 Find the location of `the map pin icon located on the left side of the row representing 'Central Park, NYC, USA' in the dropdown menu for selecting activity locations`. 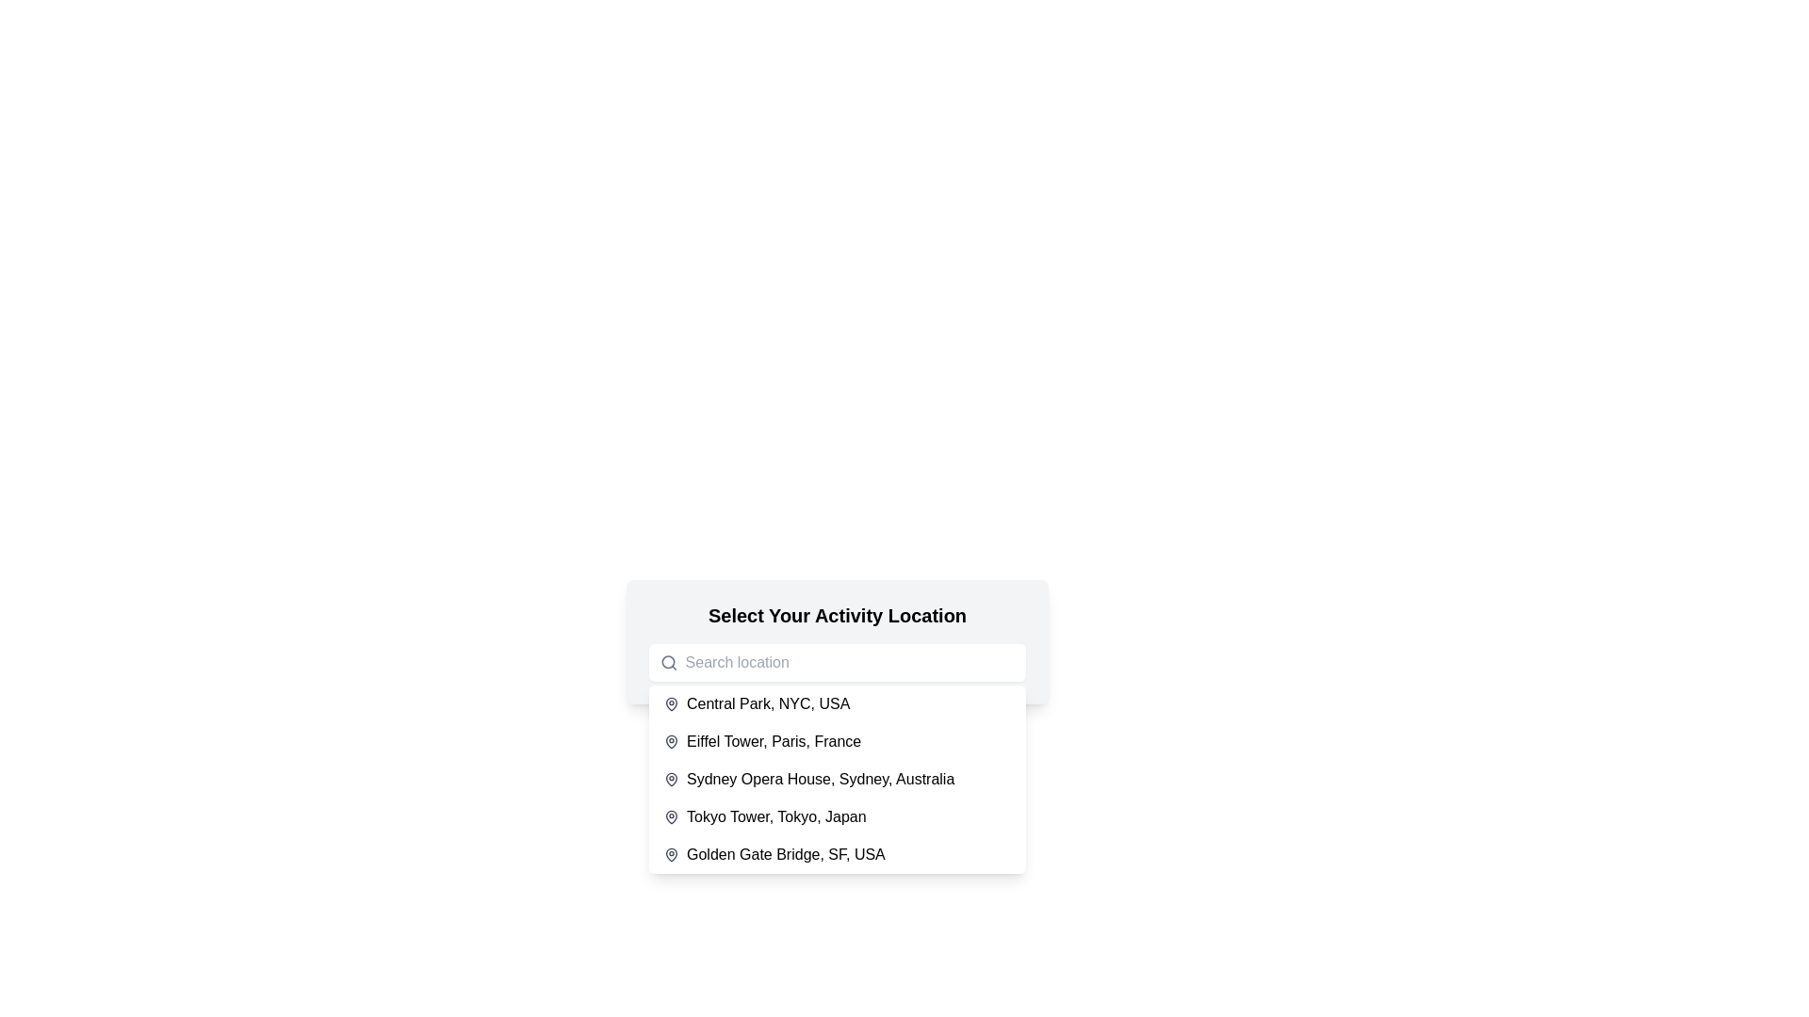

the map pin icon located on the left side of the row representing 'Central Park, NYC, USA' in the dropdown menu for selecting activity locations is located at coordinates (672, 704).